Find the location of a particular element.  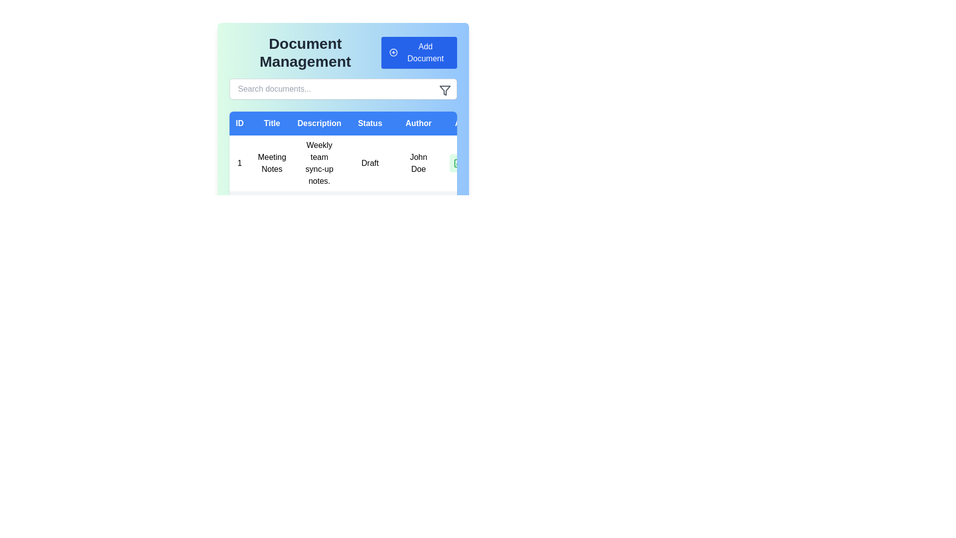

the 'Status' text label in the fourth position of the row that labels the column representing the status of items in the table is located at coordinates (369, 123).